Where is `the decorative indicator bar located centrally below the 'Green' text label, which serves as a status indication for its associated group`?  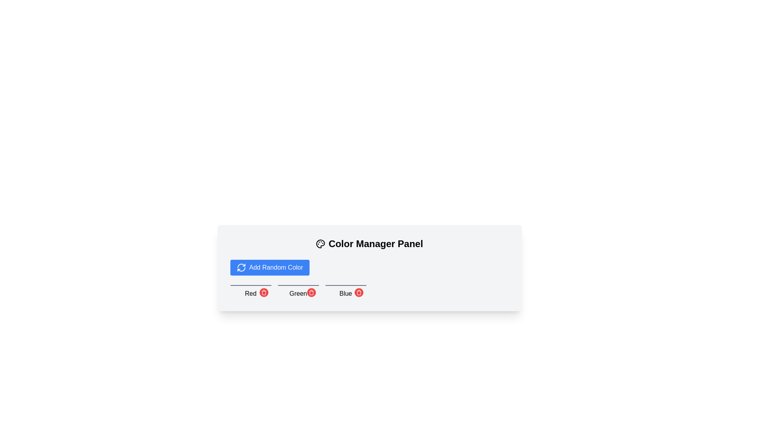 the decorative indicator bar located centrally below the 'Green' text label, which serves as a status indication for its associated group is located at coordinates (298, 285).